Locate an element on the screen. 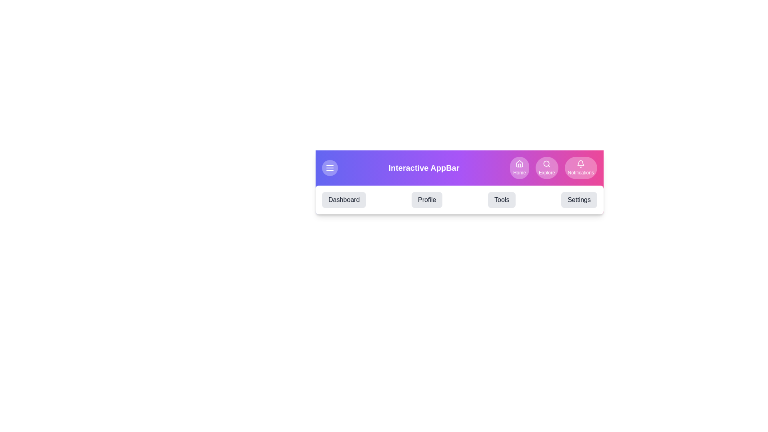 The width and height of the screenshot is (768, 432). the Tools in the navigation menu is located at coordinates (501, 200).